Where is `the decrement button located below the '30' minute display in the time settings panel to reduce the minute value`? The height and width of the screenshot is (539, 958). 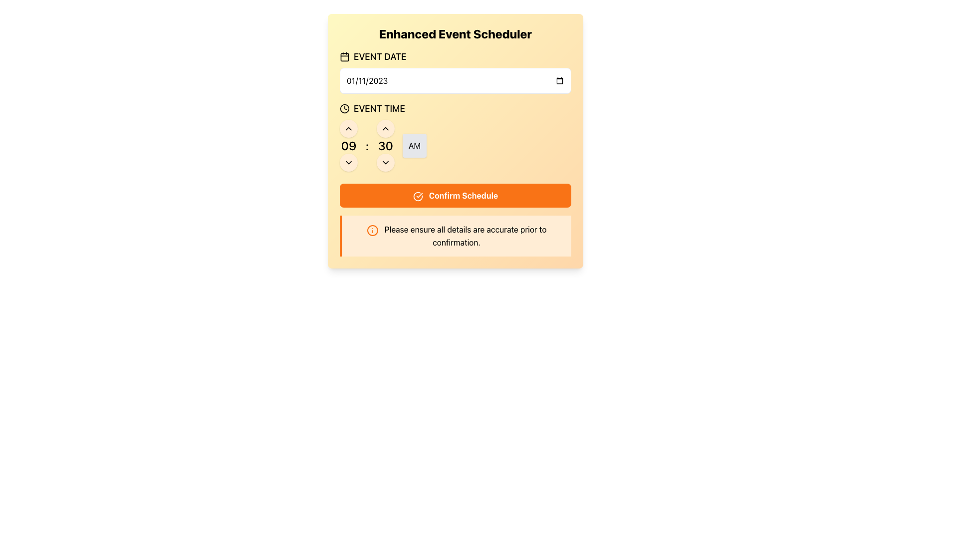 the decrement button located below the '30' minute display in the time settings panel to reduce the minute value is located at coordinates (385, 162).